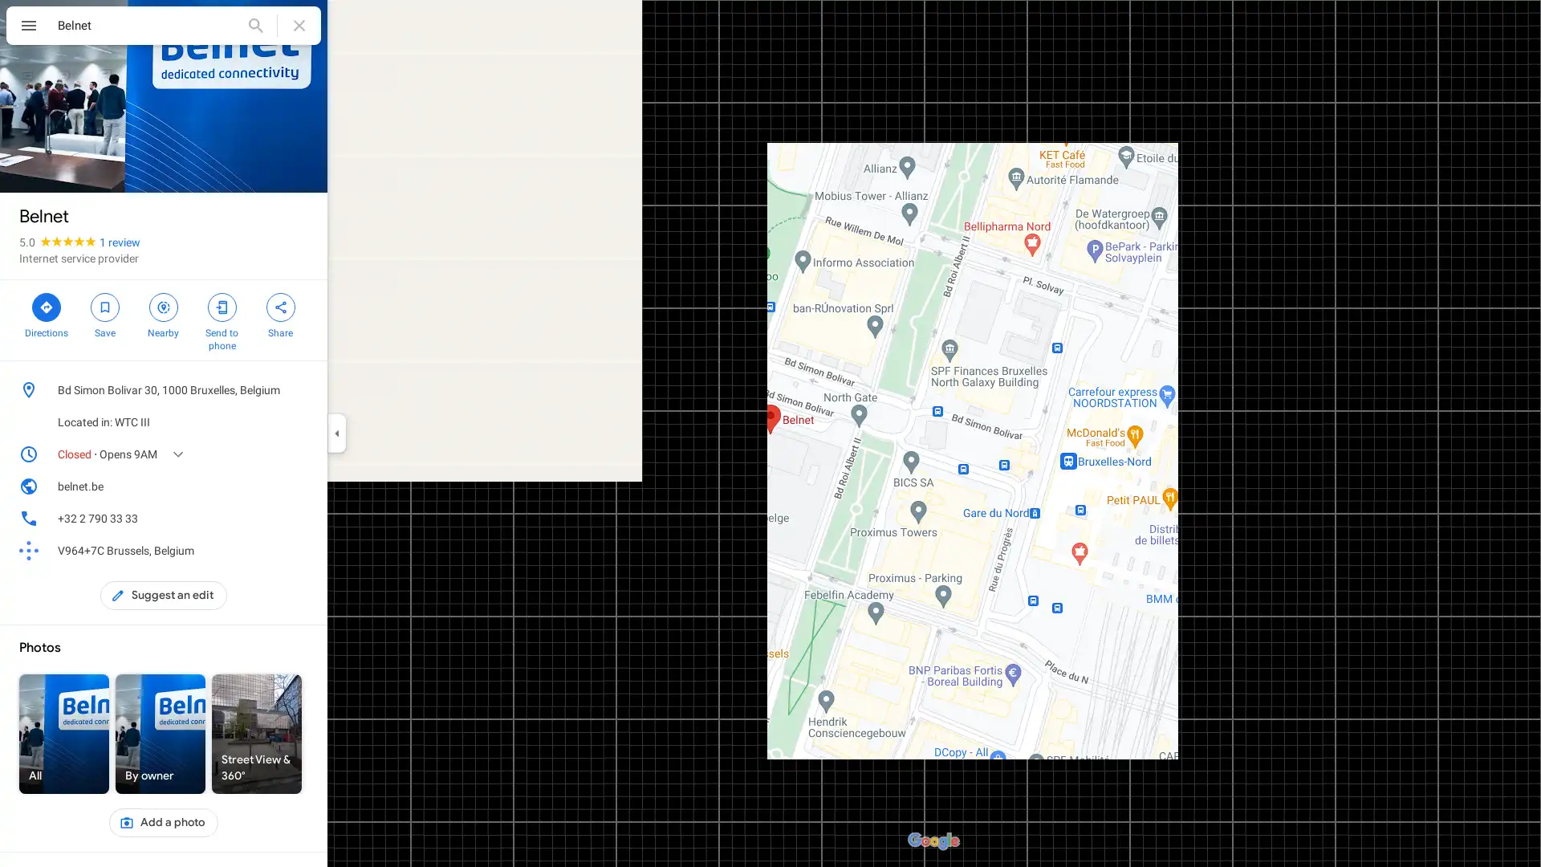 The width and height of the screenshot is (1541, 867). Describe the element at coordinates (335, 433) in the screenshot. I see `Collapse side panel` at that location.